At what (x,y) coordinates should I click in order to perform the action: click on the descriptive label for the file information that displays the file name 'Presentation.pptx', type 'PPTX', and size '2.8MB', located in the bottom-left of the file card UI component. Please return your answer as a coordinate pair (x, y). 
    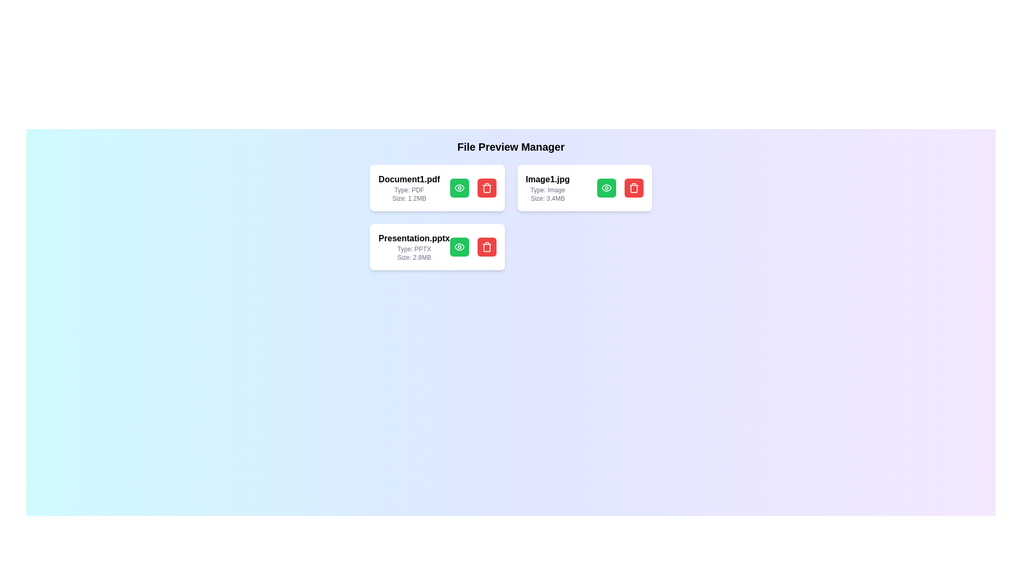
    Looking at the image, I should click on (413, 247).